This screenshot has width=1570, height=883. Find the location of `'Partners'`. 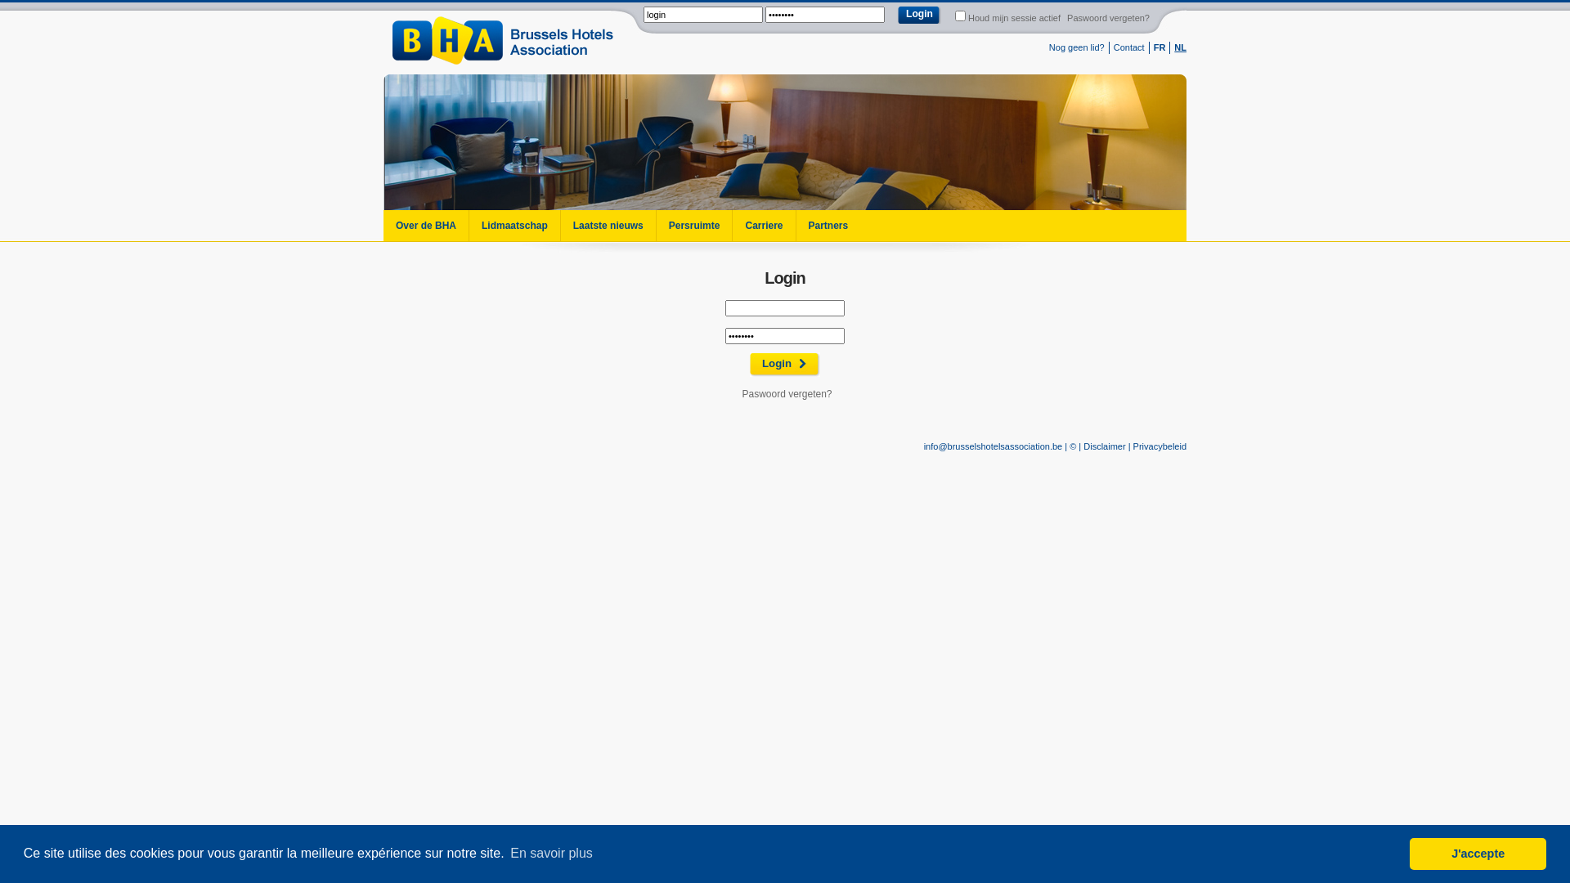

'Partners' is located at coordinates (828, 226).